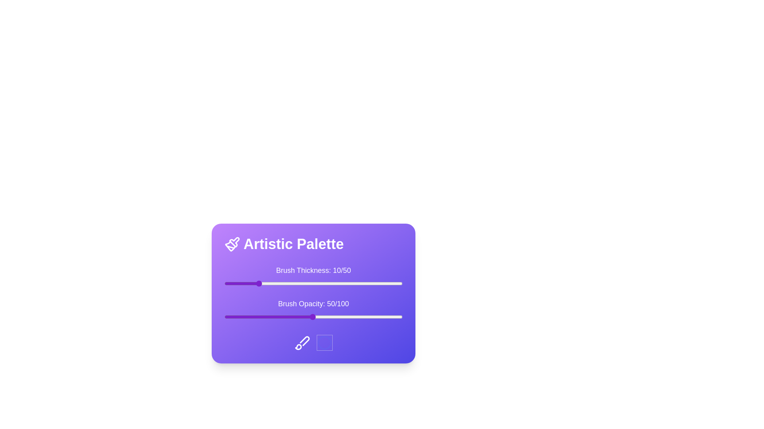 Image resolution: width=764 pixels, height=429 pixels. I want to click on the text 'Artistic Palette' located at its center, so click(313, 243).